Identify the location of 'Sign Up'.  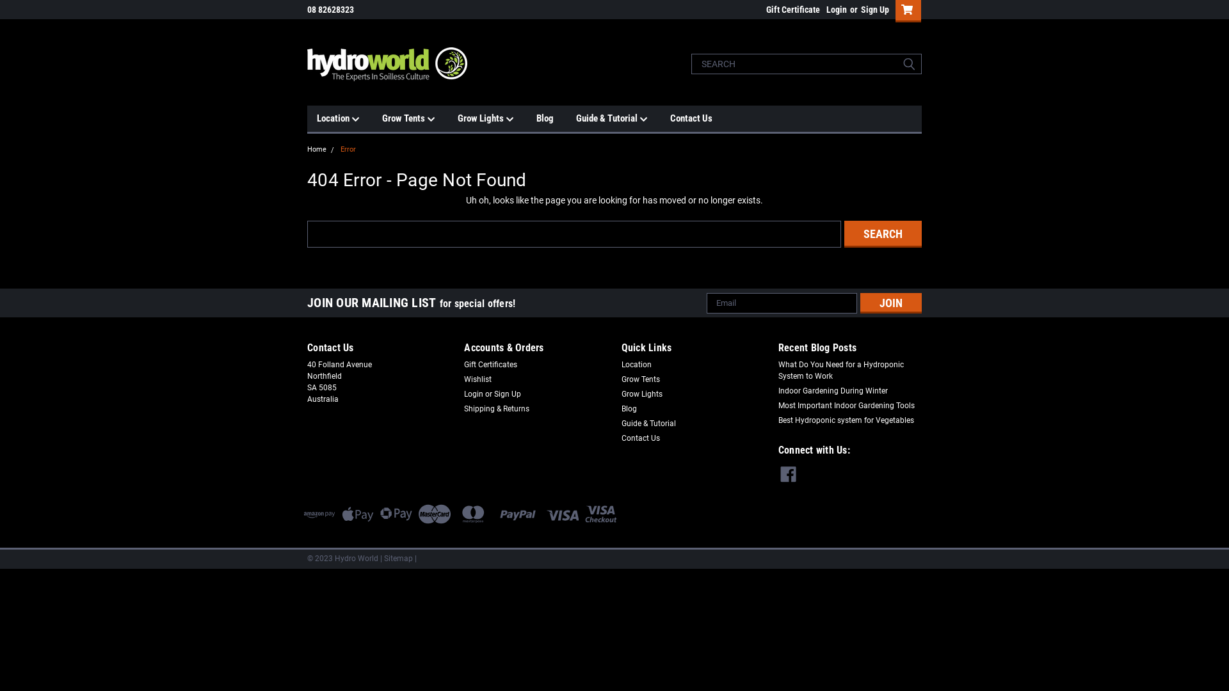
(872, 10).